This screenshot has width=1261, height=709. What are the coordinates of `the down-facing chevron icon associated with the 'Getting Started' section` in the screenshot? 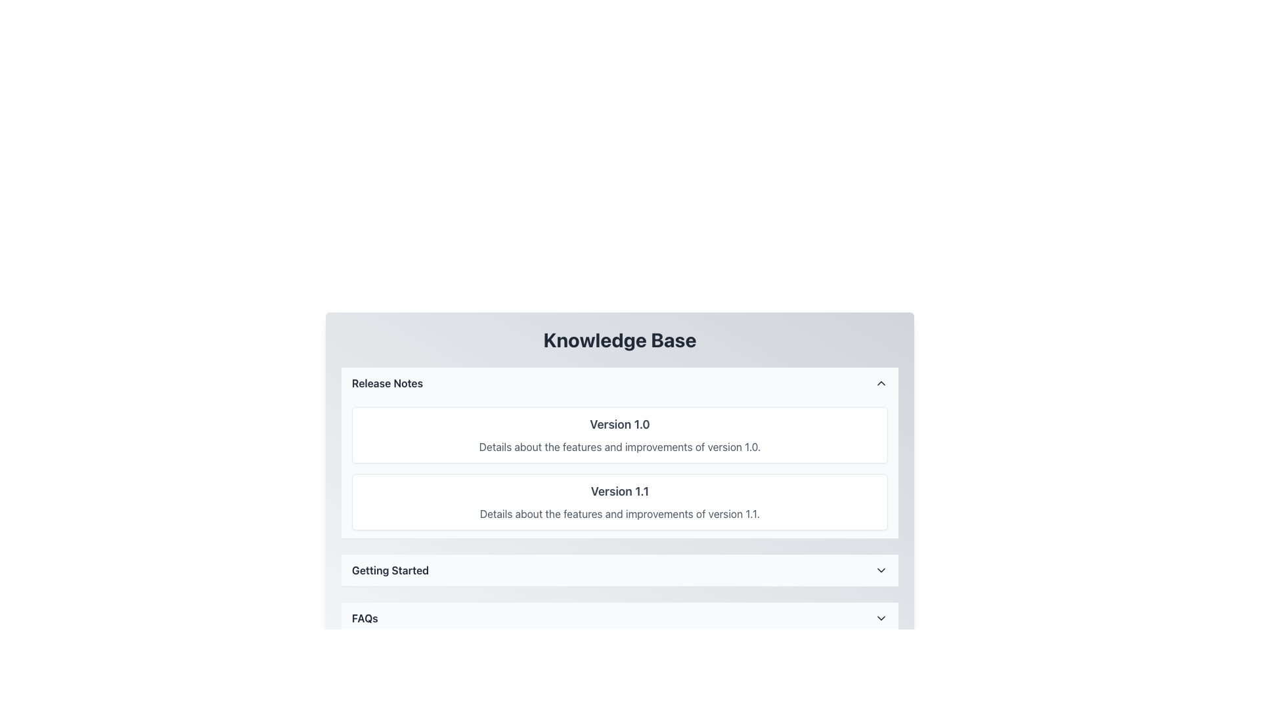 It's located at (881, 569).